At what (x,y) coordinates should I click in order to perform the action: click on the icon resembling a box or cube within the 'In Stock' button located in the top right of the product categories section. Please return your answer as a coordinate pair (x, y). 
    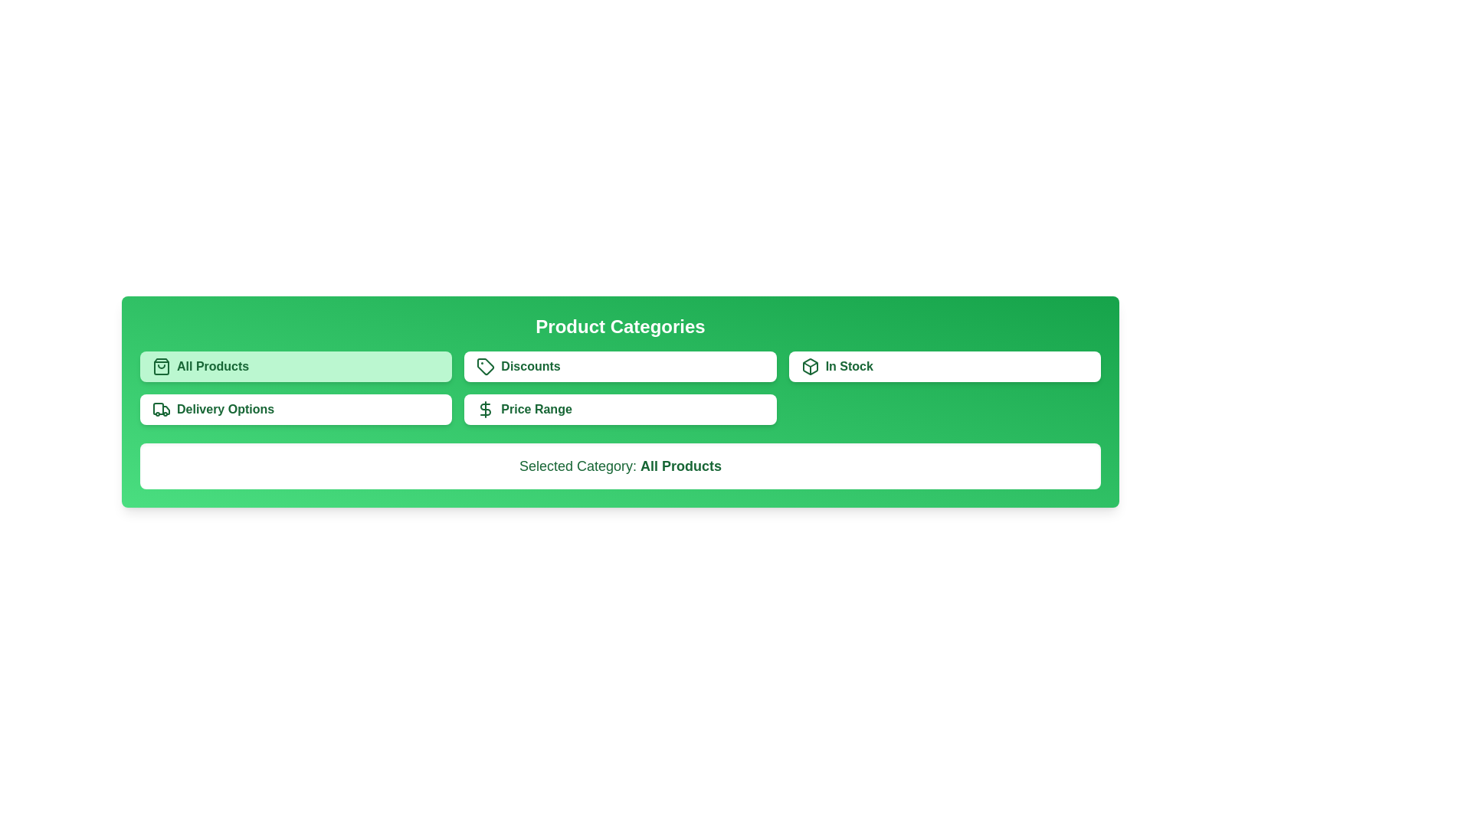
    Looking at the image, I should click on (809, 366).